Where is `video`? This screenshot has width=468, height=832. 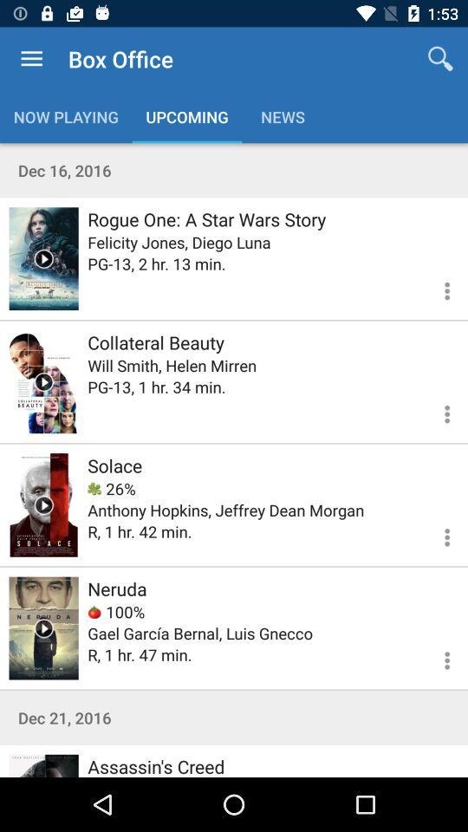
video is located at coordinates (43, 504).